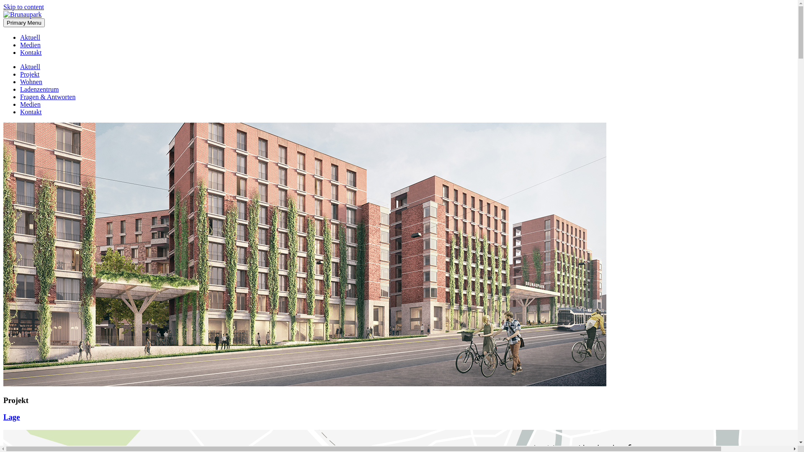 This screenshot has height=452, width=804. What do you see at coordinates (30, 104) in the screenshot?
I see `'Medien'` at bounding box center [30, 104].